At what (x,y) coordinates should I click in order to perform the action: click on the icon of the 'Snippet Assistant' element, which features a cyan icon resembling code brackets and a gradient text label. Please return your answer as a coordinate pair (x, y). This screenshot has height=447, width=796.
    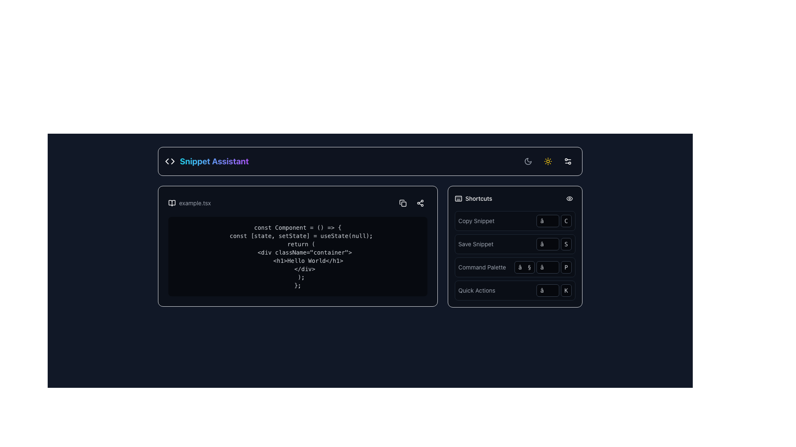
    Looking at the image, I should click on (207, 161).